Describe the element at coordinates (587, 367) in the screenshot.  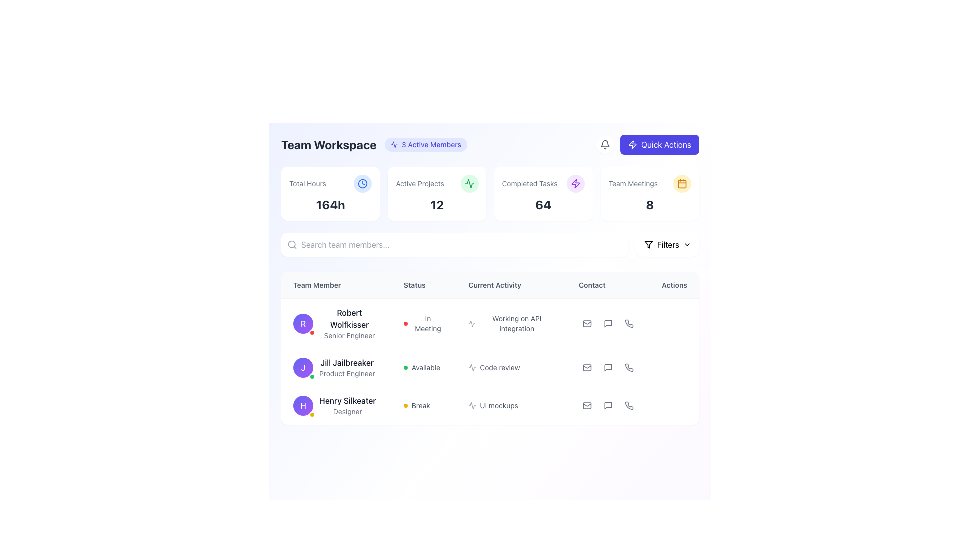
I see `the email icon (envelope design) located in the 'Contact' column beside user 'Jill Jailbreaker'` at that location.